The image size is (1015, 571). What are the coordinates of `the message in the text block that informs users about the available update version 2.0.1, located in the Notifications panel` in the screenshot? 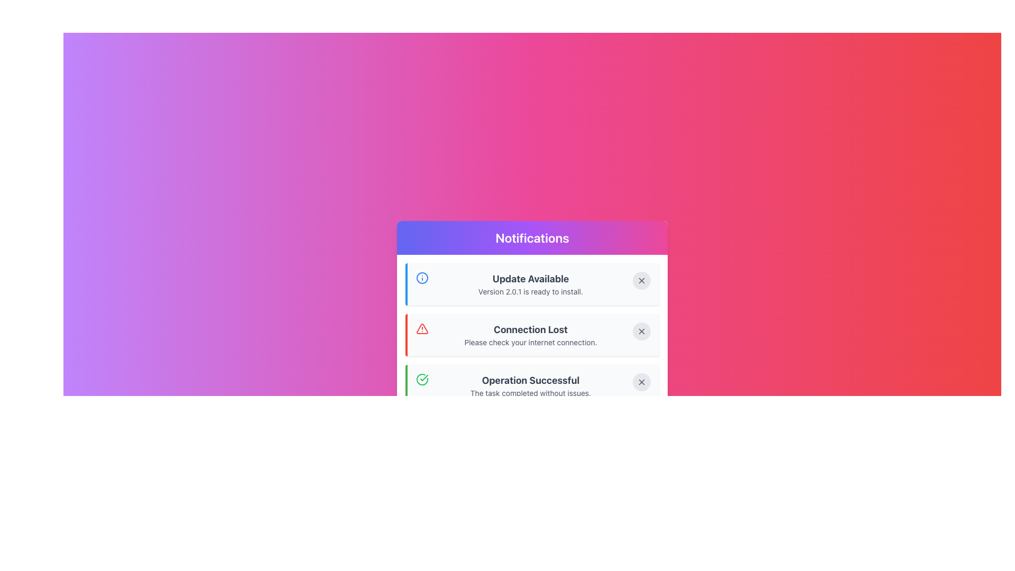 It's located at (530, 283).